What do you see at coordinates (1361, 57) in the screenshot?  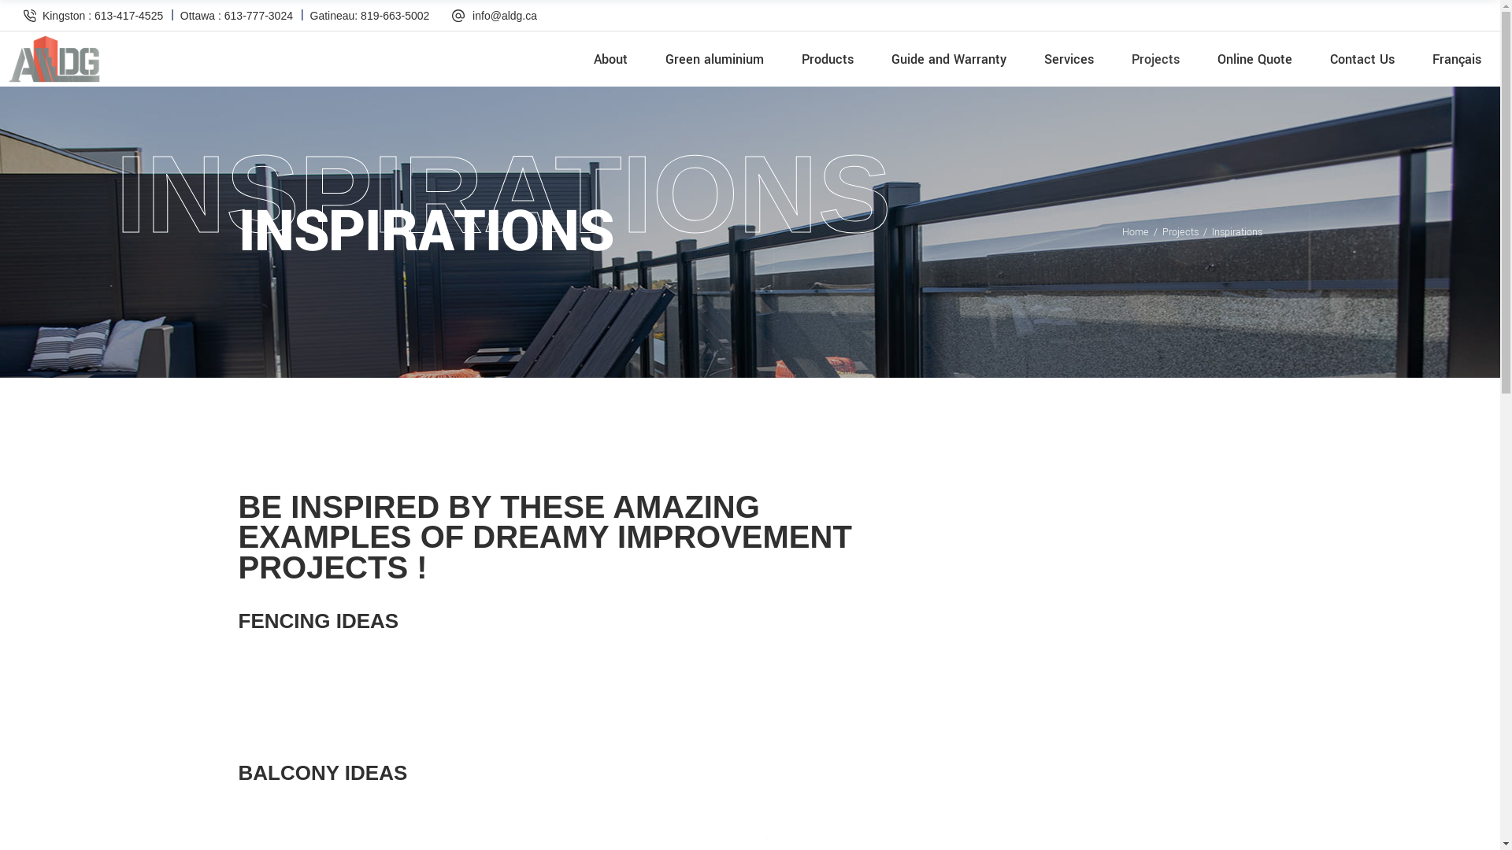 I see `'Contact Us'` at bounding box center [1361, 57].